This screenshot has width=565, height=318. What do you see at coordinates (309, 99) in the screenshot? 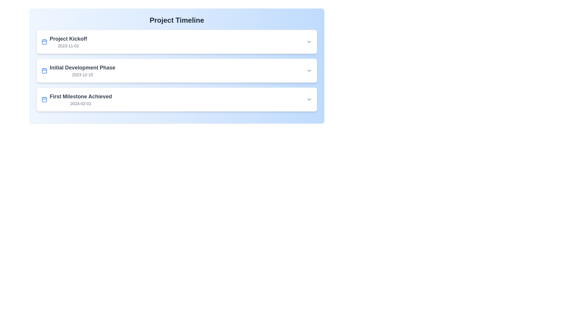
I see `the downward-pointing caret icon button located to the right of the 'First Milestone Achieved' milestone entry` at bounding box center [309, 99].